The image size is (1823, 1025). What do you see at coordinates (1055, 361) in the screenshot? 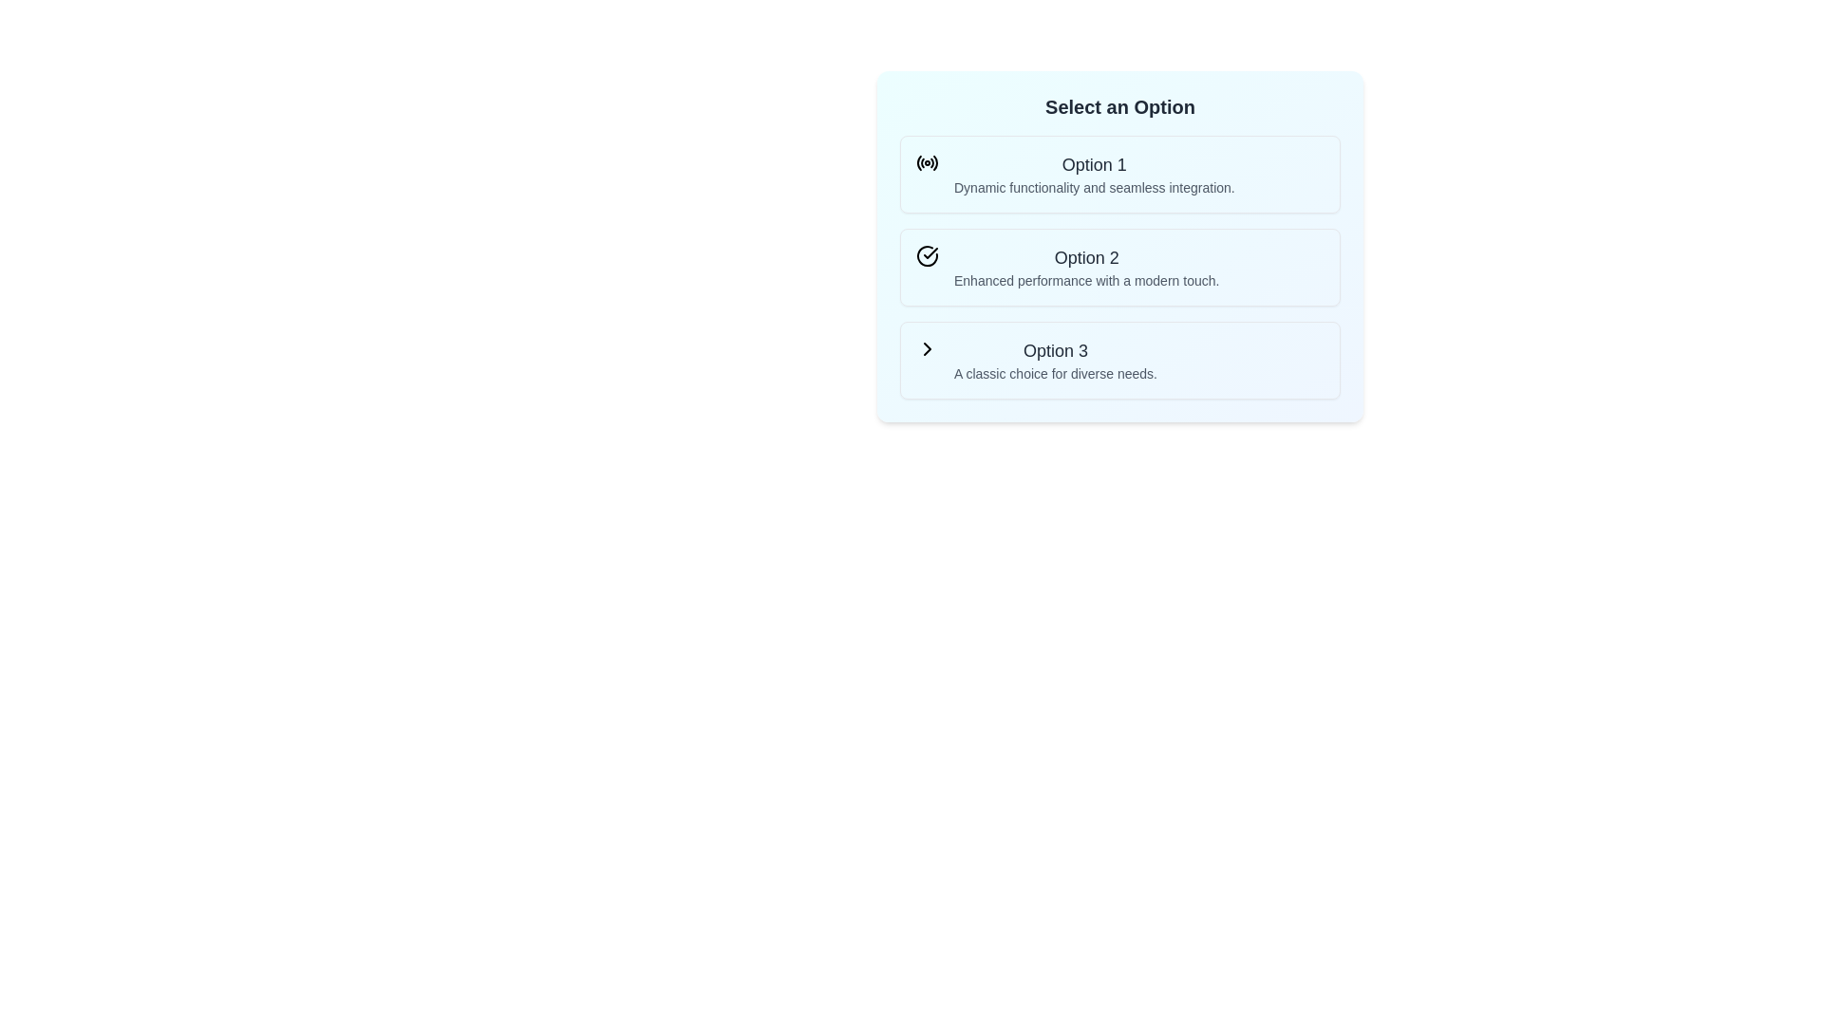
I see `the text element labeled 'Option 3', which features a bold header and a descriptive line, positioned in the third spot of a vertically stacked list` at bounding box center [1055, 361].